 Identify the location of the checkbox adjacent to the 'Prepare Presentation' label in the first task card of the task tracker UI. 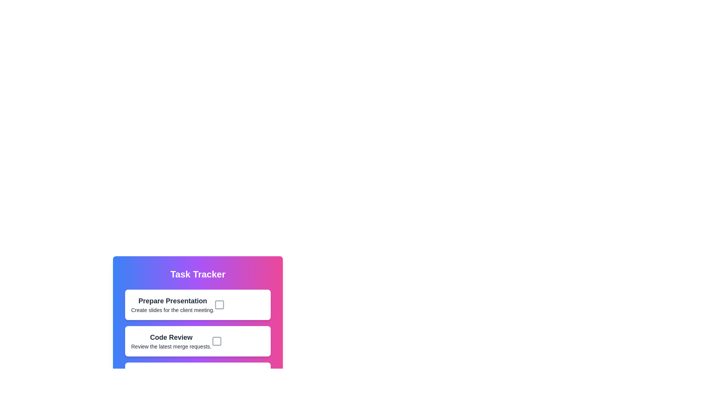
(219, 304).